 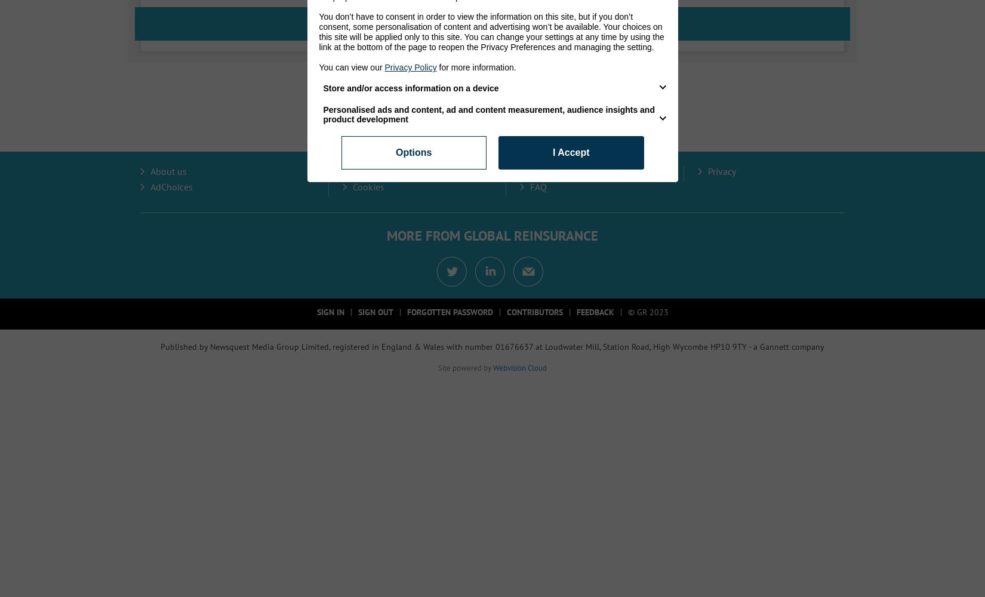 I want to click on 'AdChoices', so click(x=171, y=186).